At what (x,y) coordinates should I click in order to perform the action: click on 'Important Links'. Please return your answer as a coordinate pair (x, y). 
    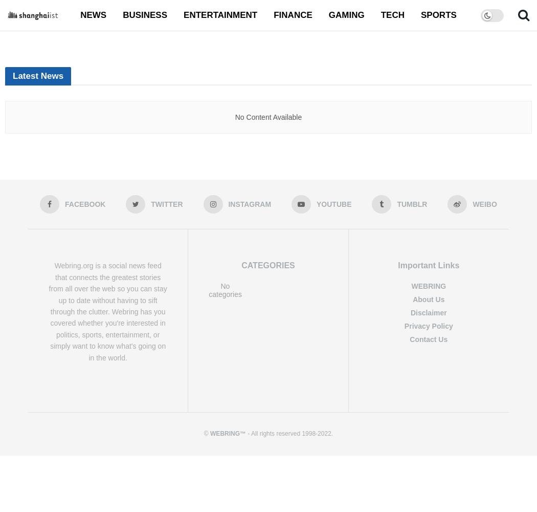
    Looking at the image, I should click on (398, 265).